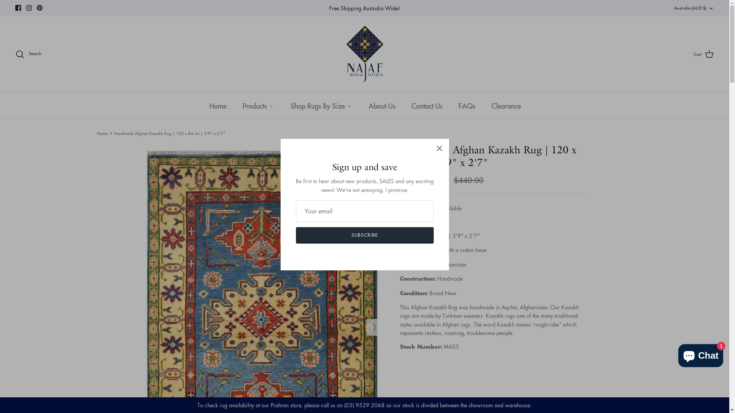 Image resolution: width=735 pixels, height=413 pixels. What do you see at coordinates (694, 8) in the screenshot?
I see `'Australia (AUD $)` at bounding box center [694, 8].